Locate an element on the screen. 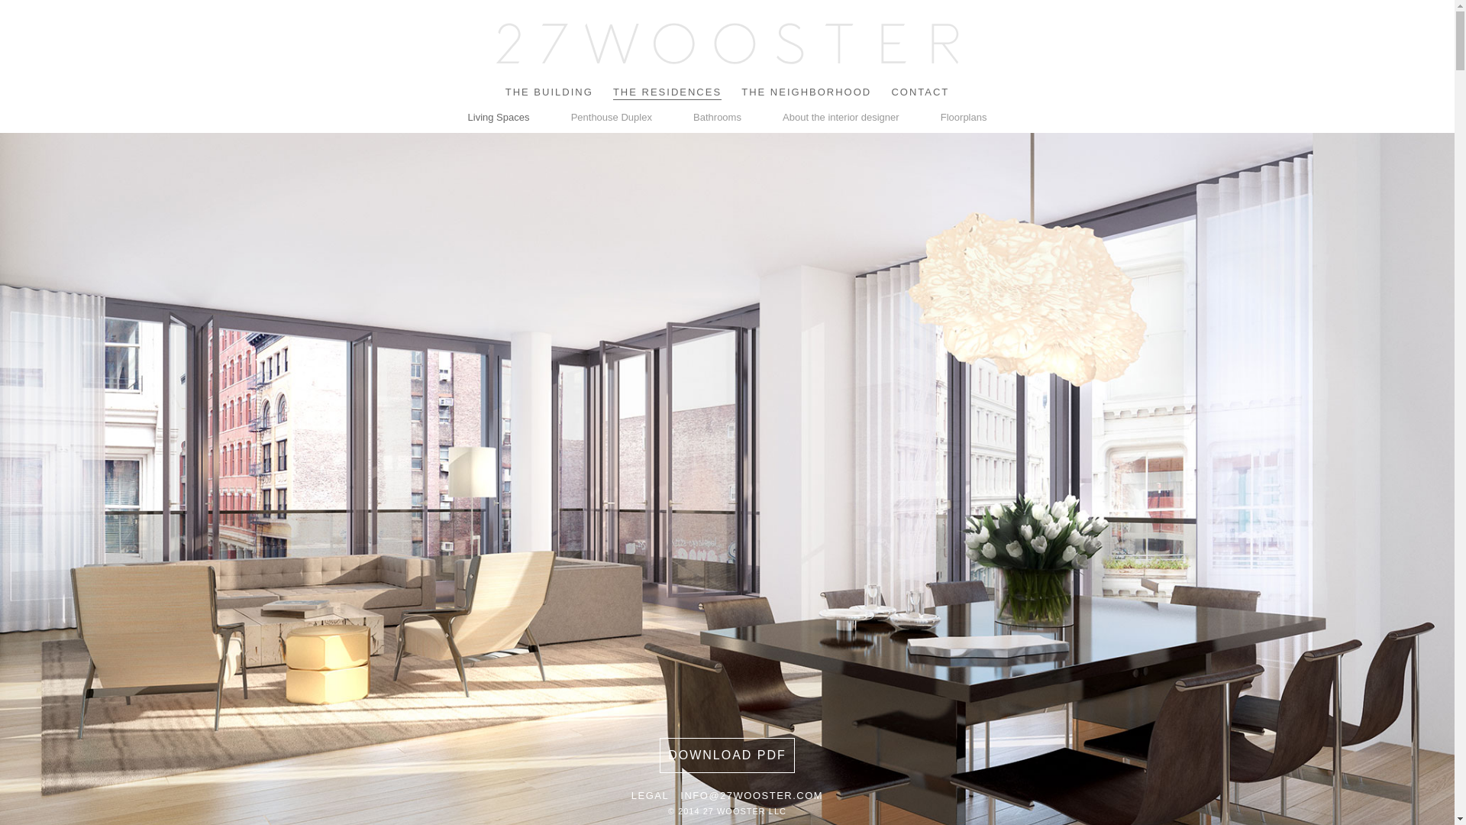  'INFO@27WOOSTER.COM' is located at coordinates (751, 794).